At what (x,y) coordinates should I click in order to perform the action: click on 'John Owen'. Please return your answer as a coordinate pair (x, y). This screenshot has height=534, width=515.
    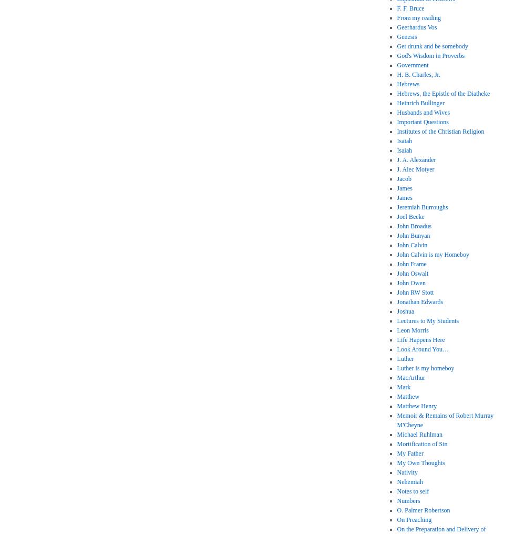
    Looking at the image, I should click on (411, 283).